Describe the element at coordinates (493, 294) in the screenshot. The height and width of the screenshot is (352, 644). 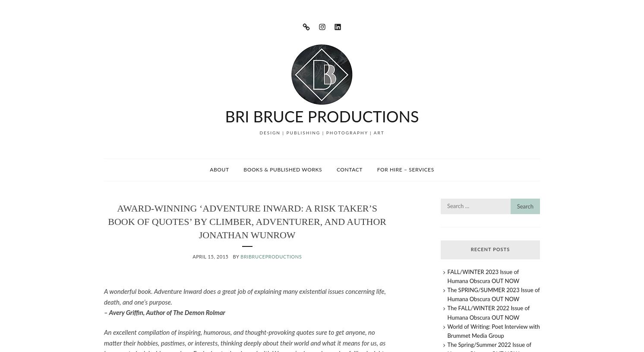
I see `'The SPRING/SUMMER 2023 Issue of Humana Obscura OUT NOW'` at that location.